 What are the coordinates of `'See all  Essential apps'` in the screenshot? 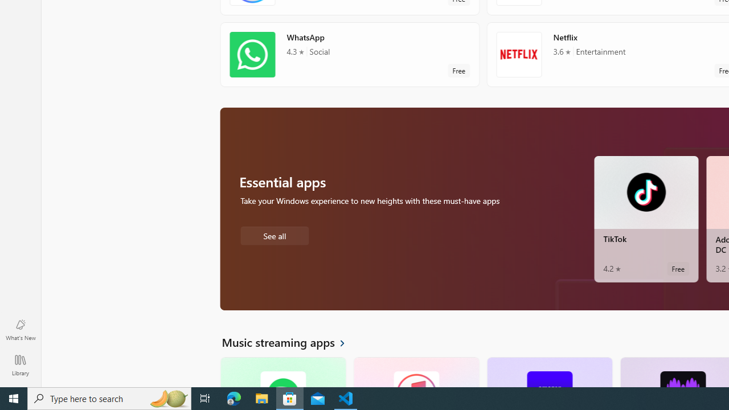 It's located at (274, 234).